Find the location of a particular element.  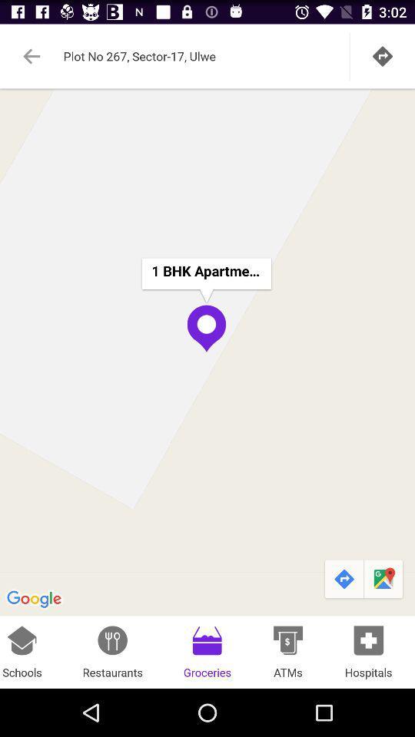

google is located at coordinates (35, 600).